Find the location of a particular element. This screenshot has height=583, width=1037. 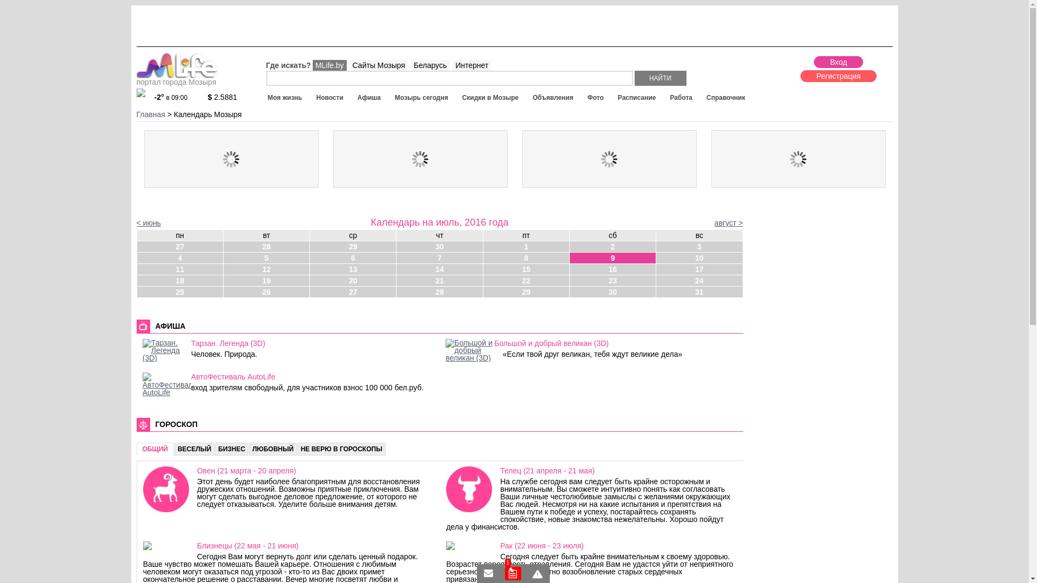

'18' is located at coordinates (180, 280).